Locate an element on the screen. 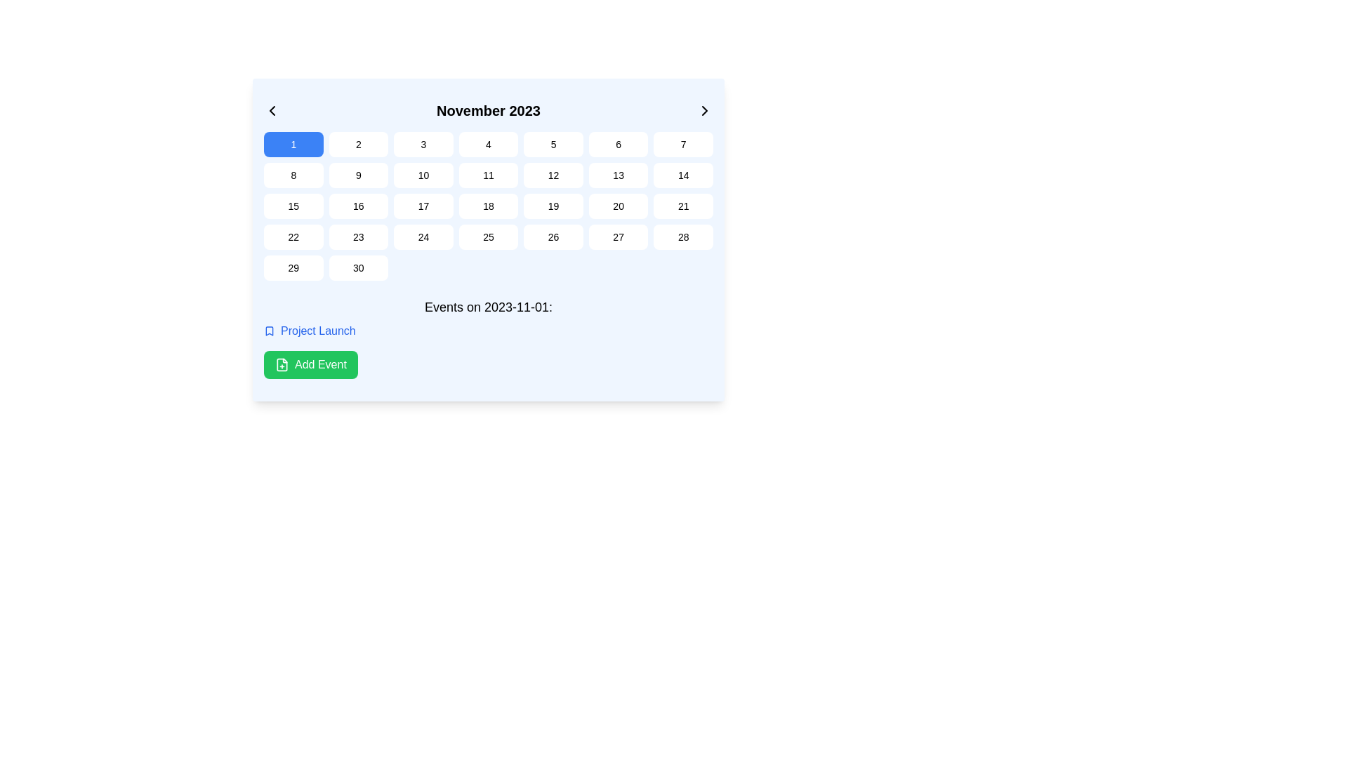  the button representing the 11th day of November 2023 is located at coordinates (489, 175).